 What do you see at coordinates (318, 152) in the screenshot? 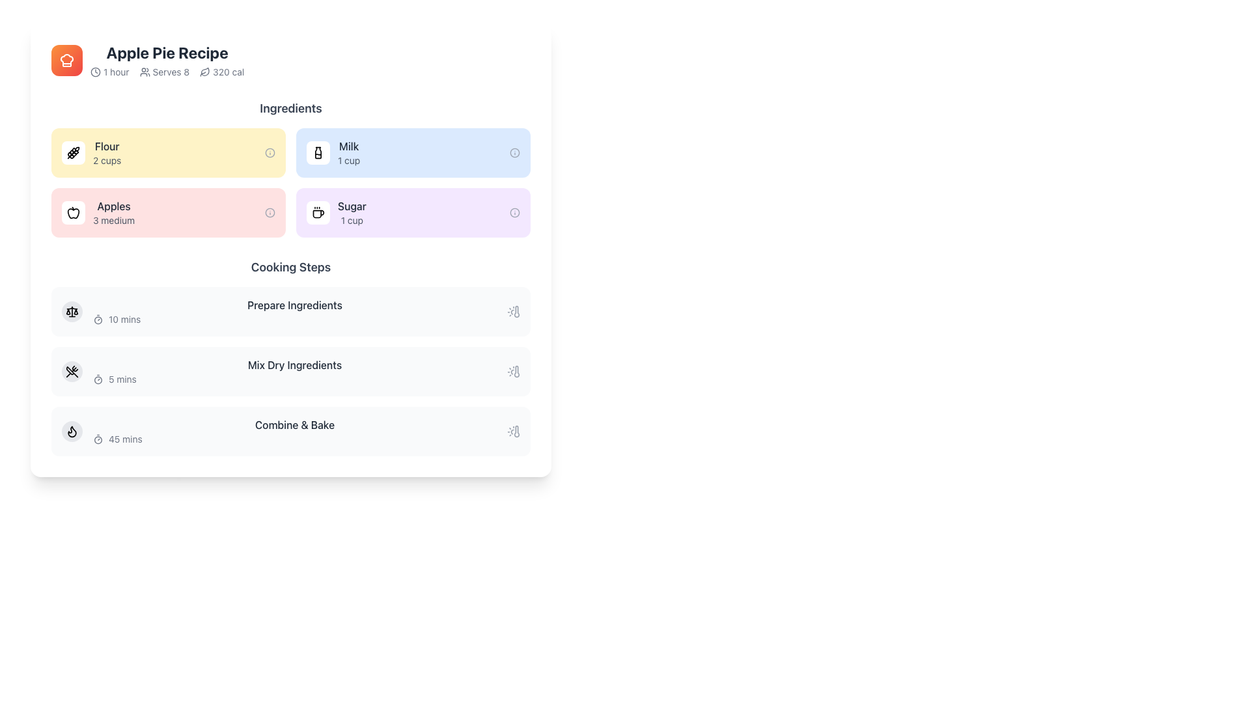
I see `the small milk bottle icon, which is styled as a vector graphic and located to the left of the text description 'Milk 1 cup' within the 'Milk 1 cup' card` at bounding box center [318, 152].